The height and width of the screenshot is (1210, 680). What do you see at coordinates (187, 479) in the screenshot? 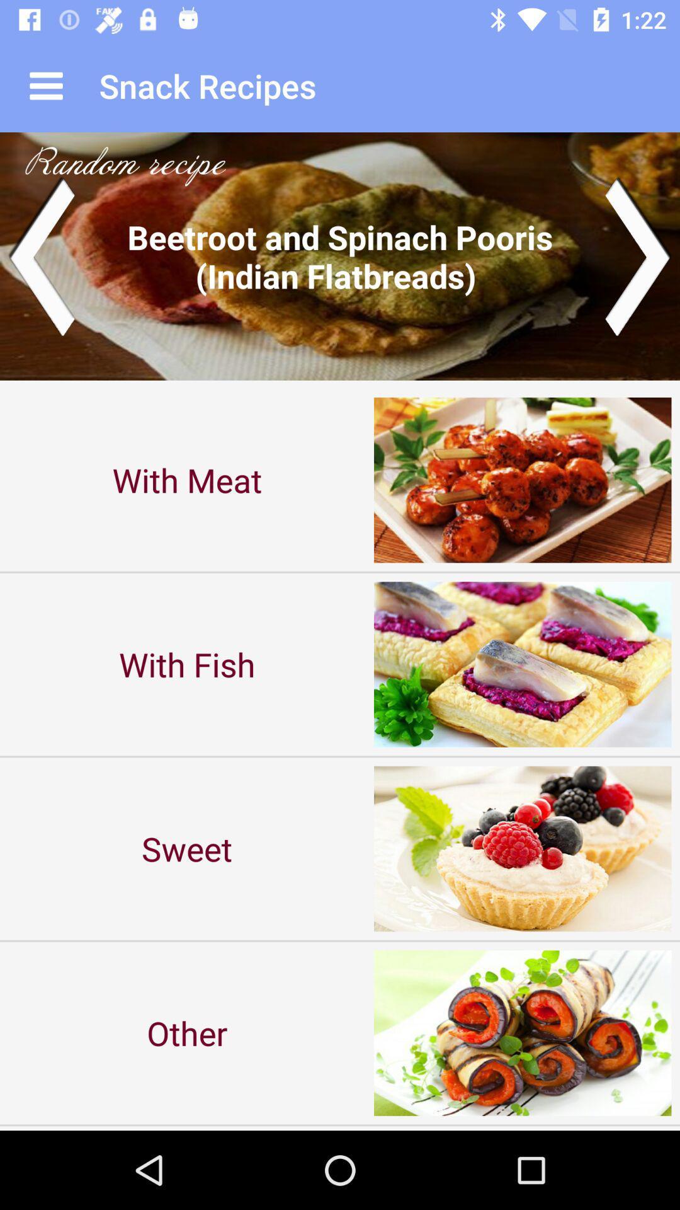
I see `the with meat` at bounding box center [187, 479].